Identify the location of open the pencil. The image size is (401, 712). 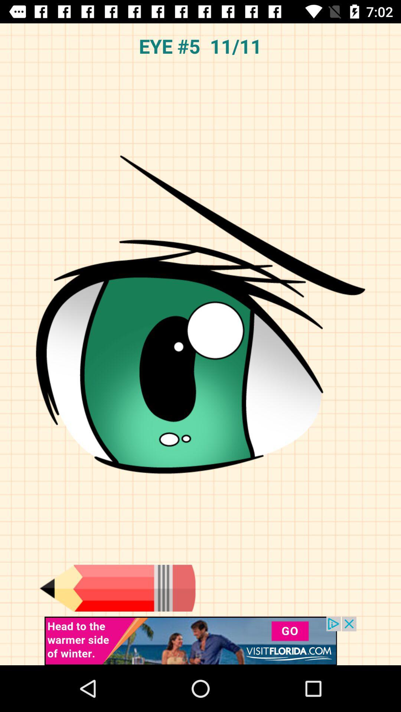
(117, 588).